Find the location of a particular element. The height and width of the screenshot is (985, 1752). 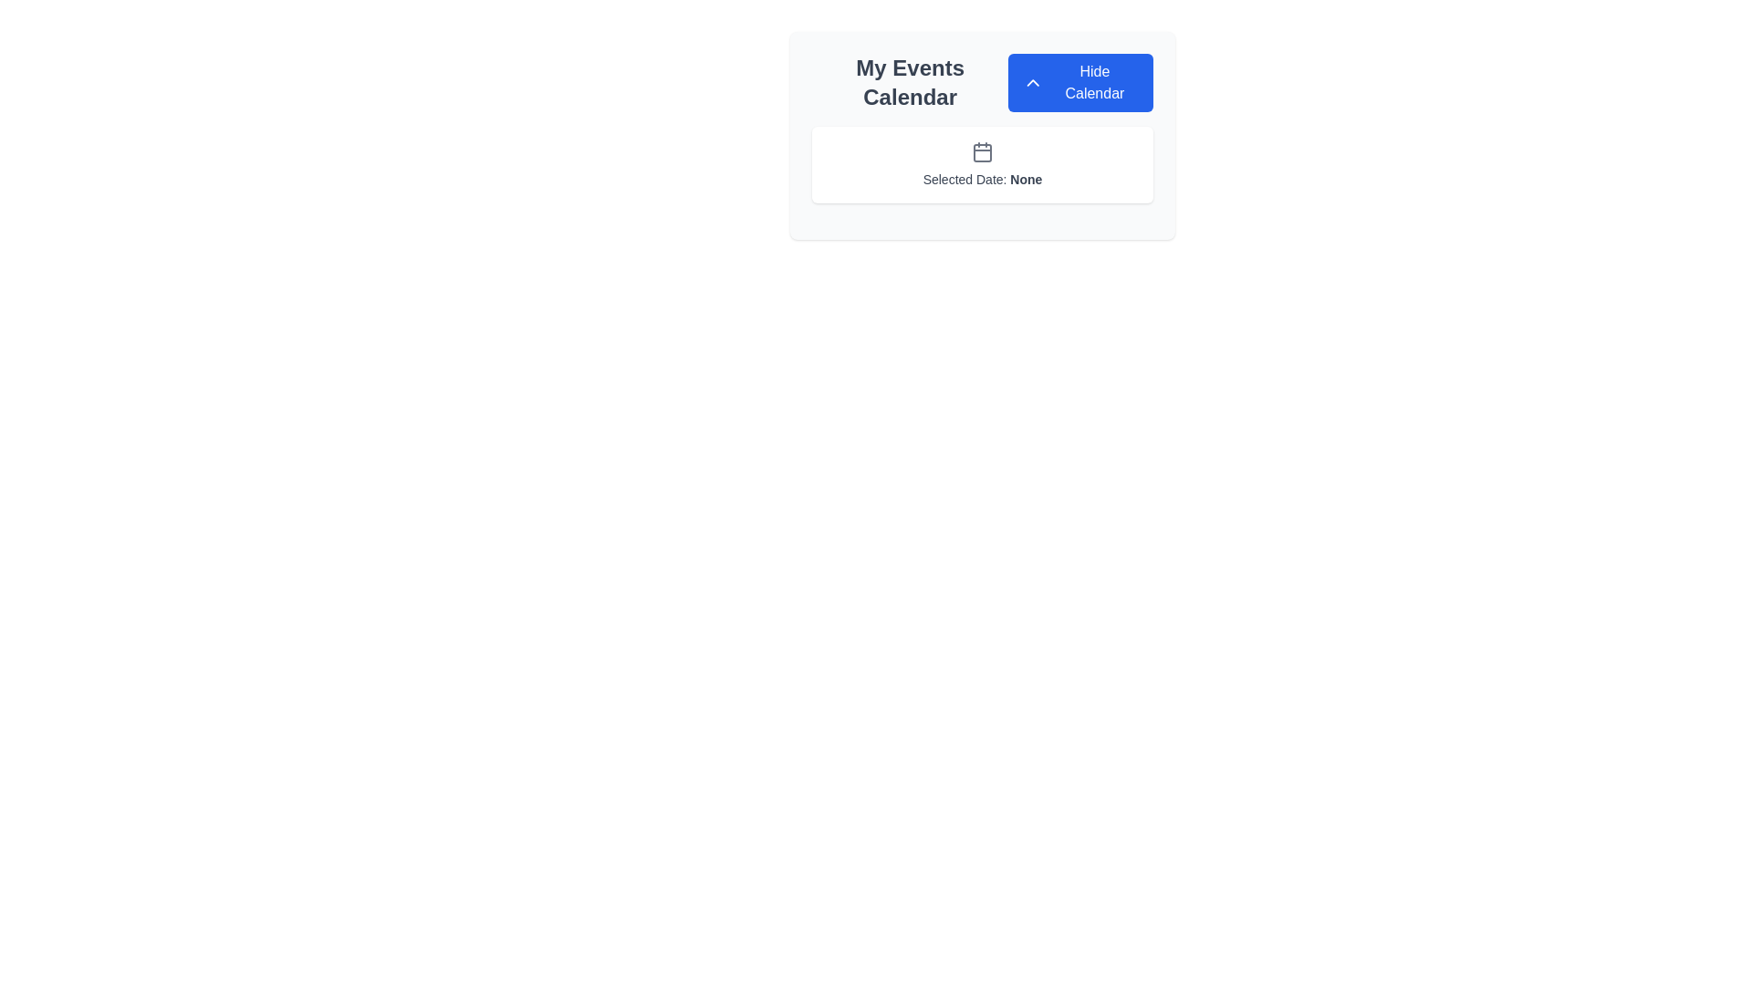

the static label 'My Events Calendar' which is positioned to the left of the button labeled 'Hide Calendar' is located at coordinates (910, 83).